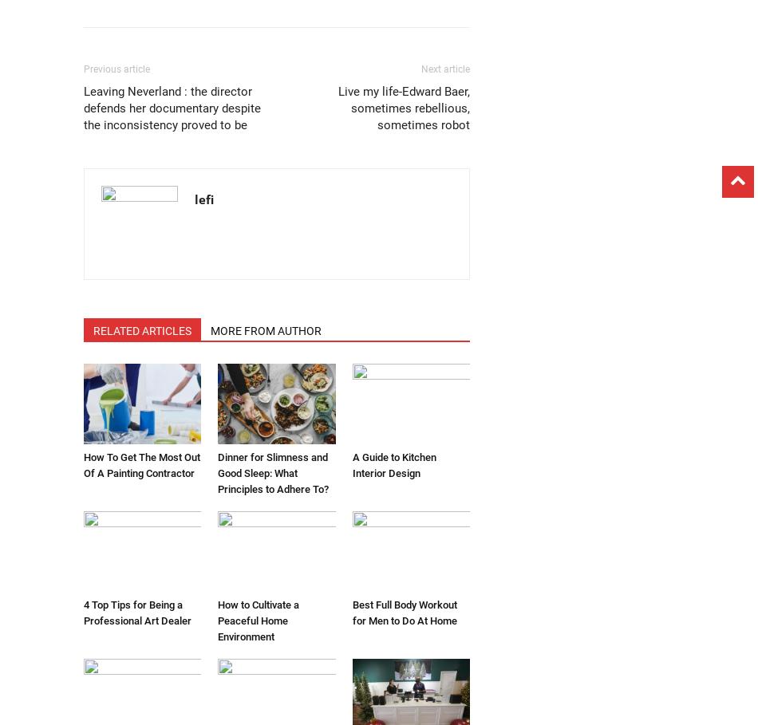 Image resolution: width=758 pixels, height=725 pixels. I want to click on 'Leaving Neverland : the director defends her documentary despite the inconsistency proved to be', so click(172, 107).